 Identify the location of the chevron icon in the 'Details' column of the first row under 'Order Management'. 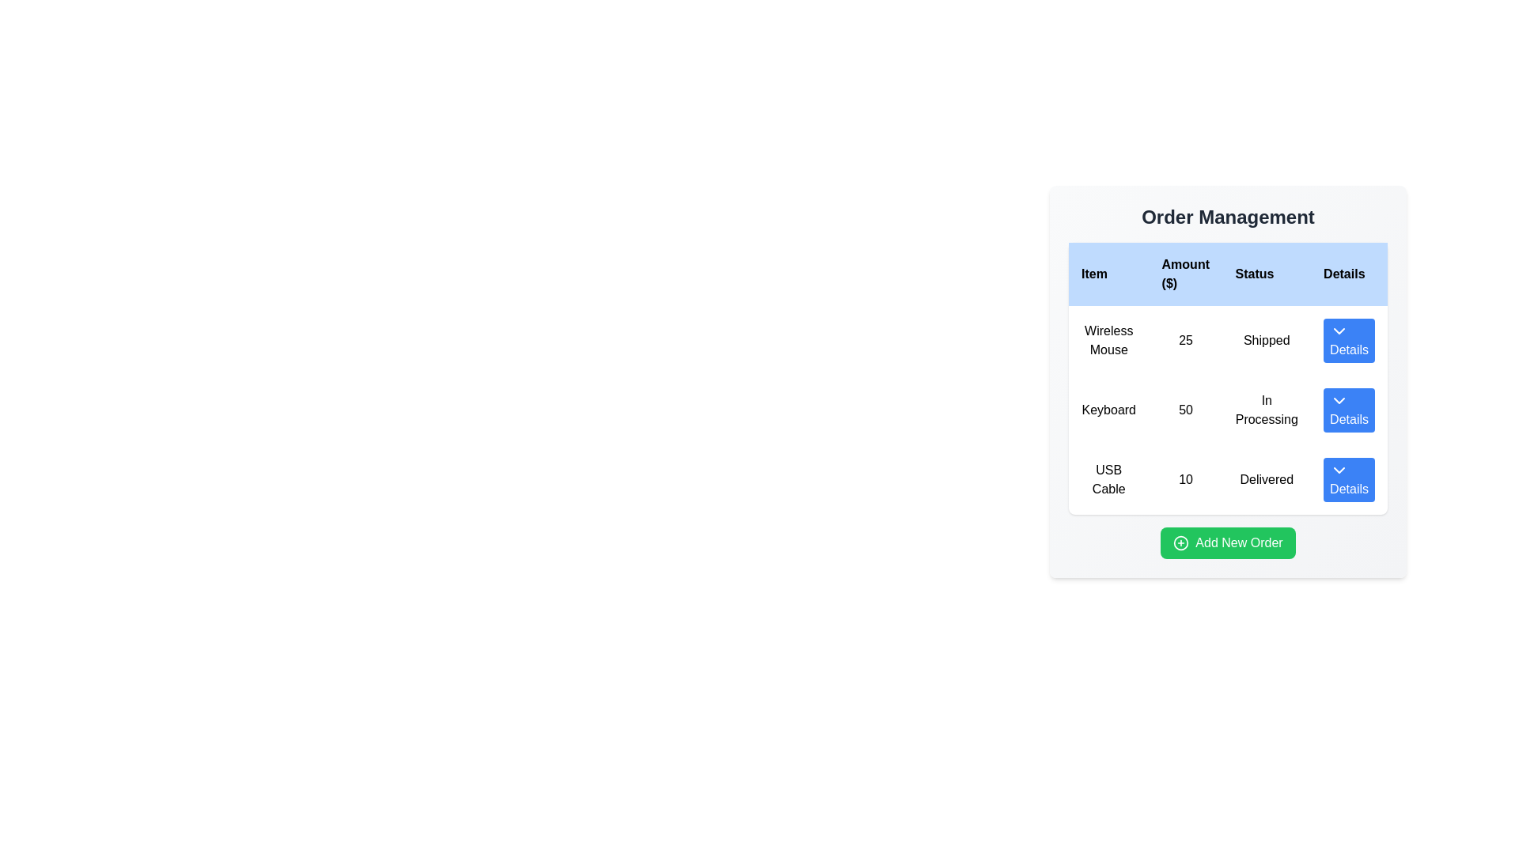
(1339, 331).